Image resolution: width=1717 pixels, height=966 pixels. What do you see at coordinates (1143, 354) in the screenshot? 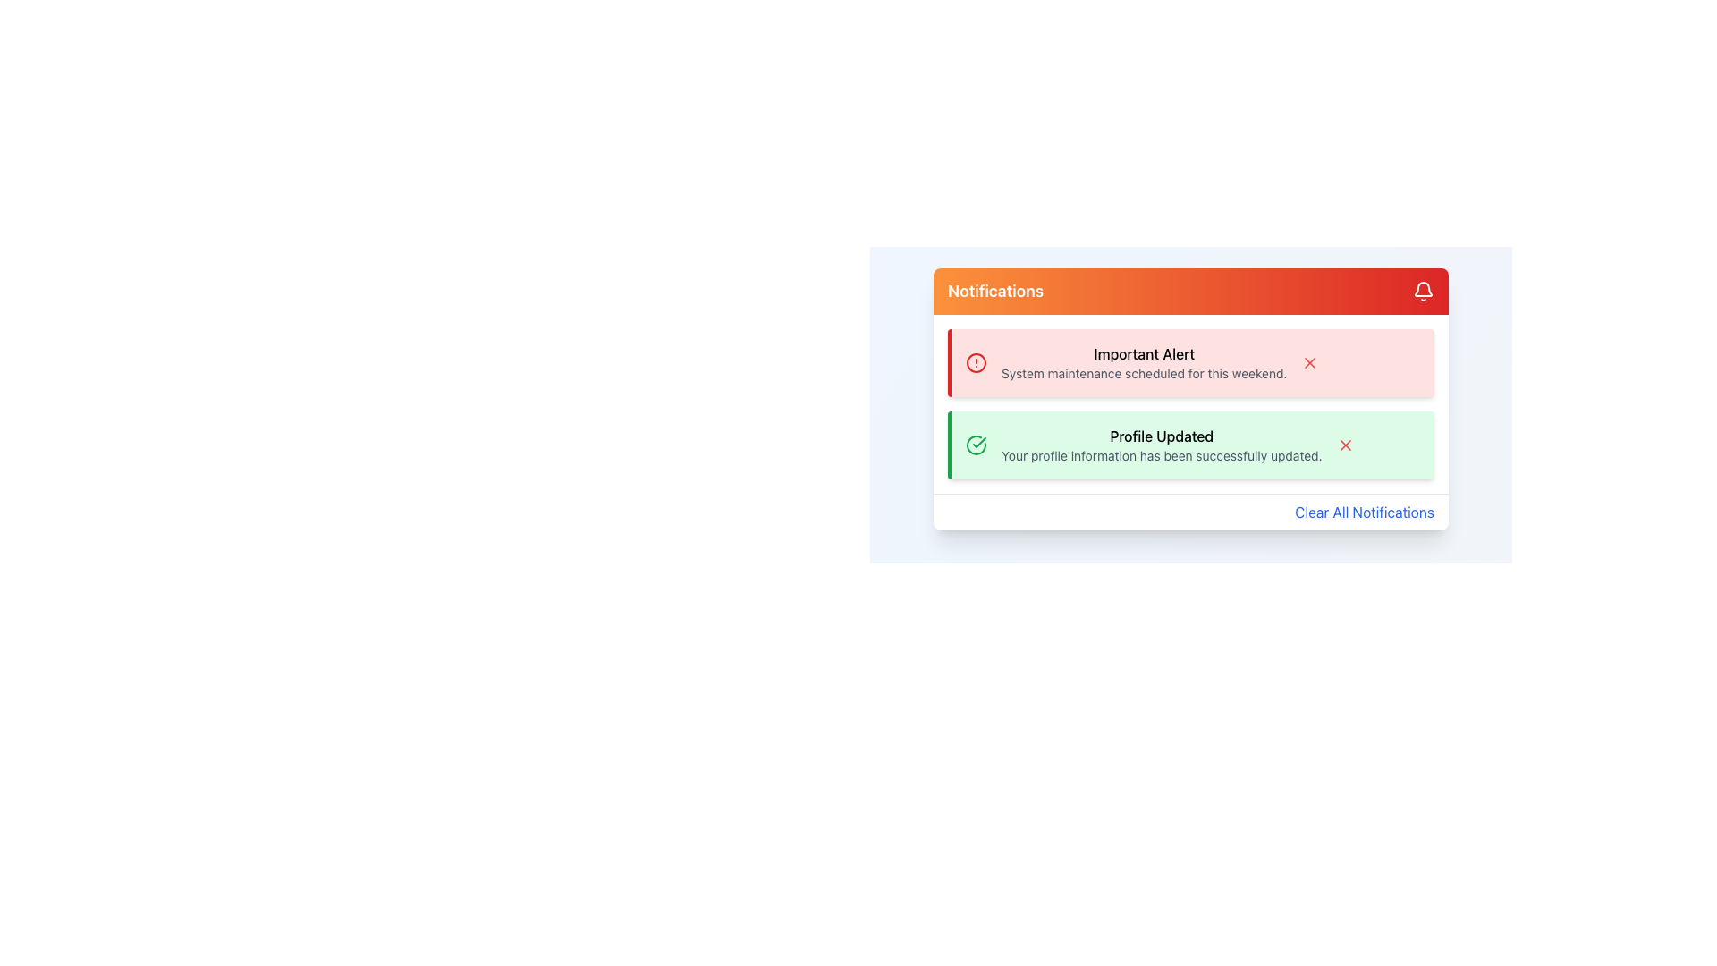
I see `text label 'Important Alert' which is styled in bold and located at the top-center of the notification card` at bounding box center [1143, 354].